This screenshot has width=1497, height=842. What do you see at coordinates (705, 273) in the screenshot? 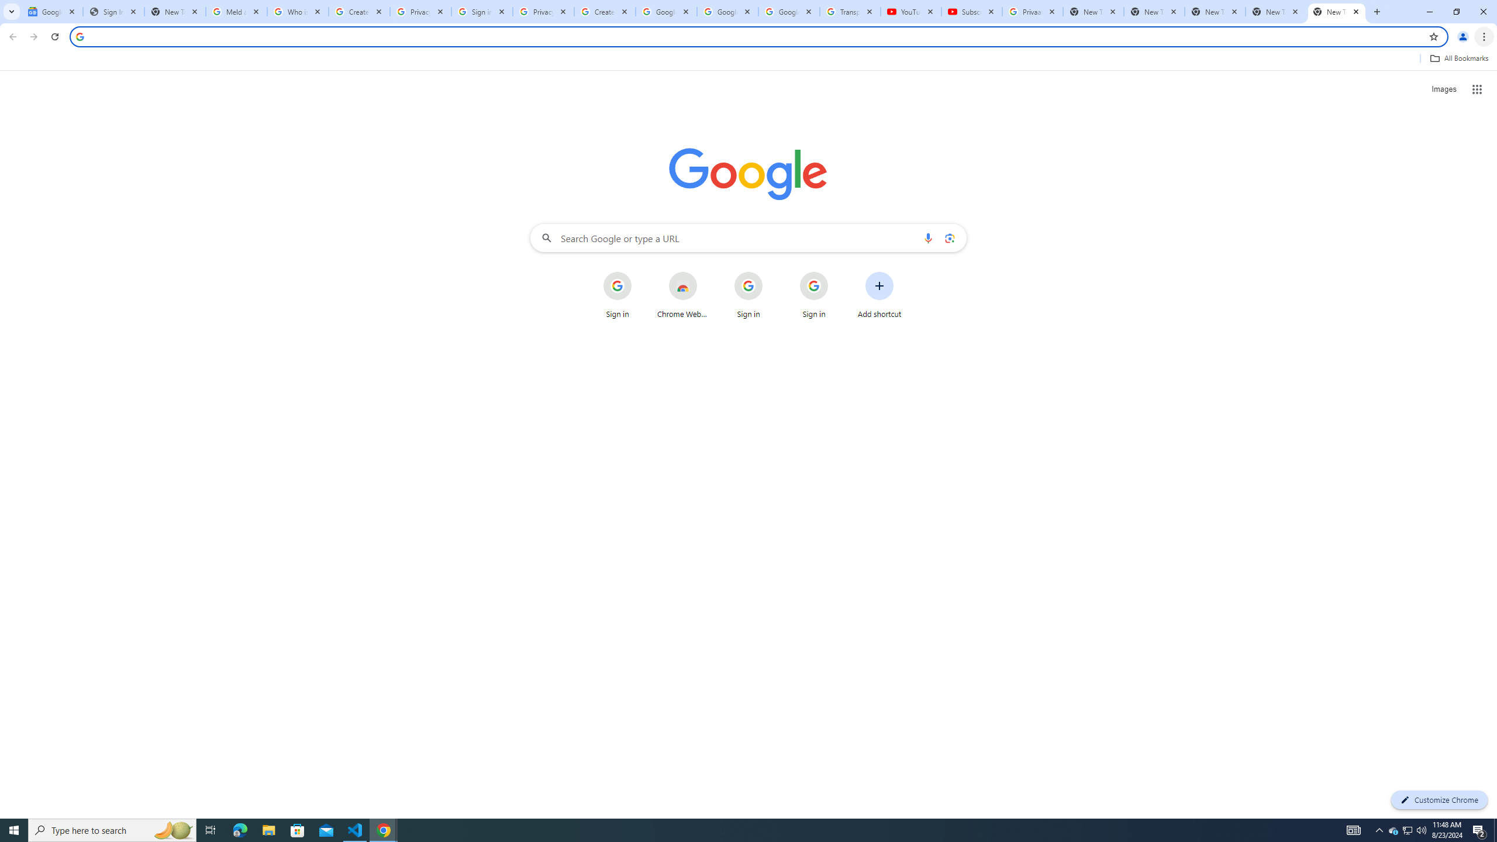
I see `'More actions for Chrome Web Store shortcut'` at bounding box center [705, 273].